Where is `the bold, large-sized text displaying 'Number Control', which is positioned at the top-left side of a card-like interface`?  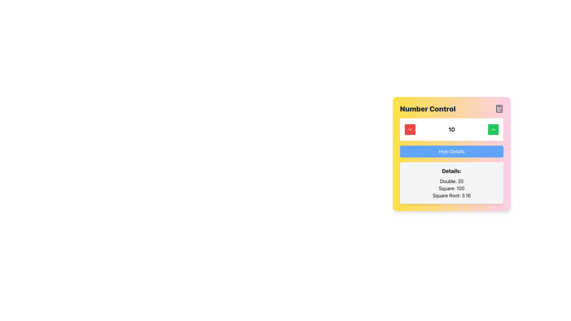 the bold, large-sized text displaying 'Number Control', which is positioned at the top-left side of a card-like interface is located at coordinates (427, 109).